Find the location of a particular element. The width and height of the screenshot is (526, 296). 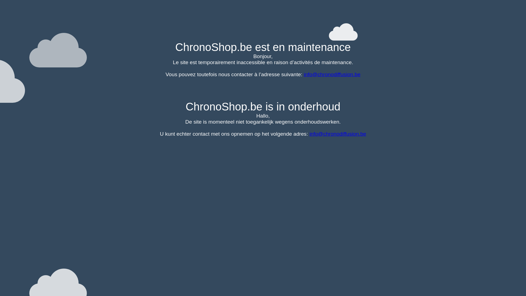

'info@chronodiffusion.be' is located at coordinates (332, 74).